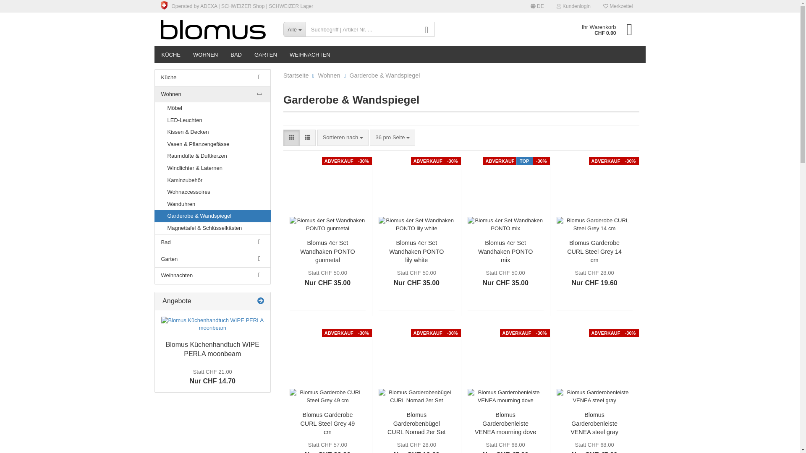 This screenshot has width=806, height=453. I want to click on 'Garten', so click(212, 259).